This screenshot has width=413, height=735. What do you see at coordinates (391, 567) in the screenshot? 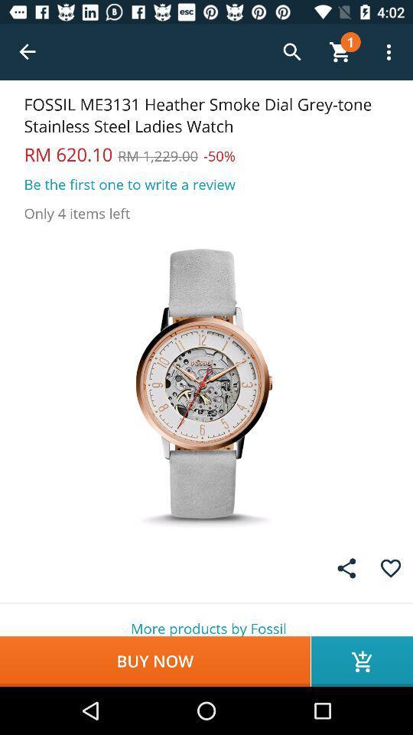
I see `emotion symbol` at bounding box center [391, 567].